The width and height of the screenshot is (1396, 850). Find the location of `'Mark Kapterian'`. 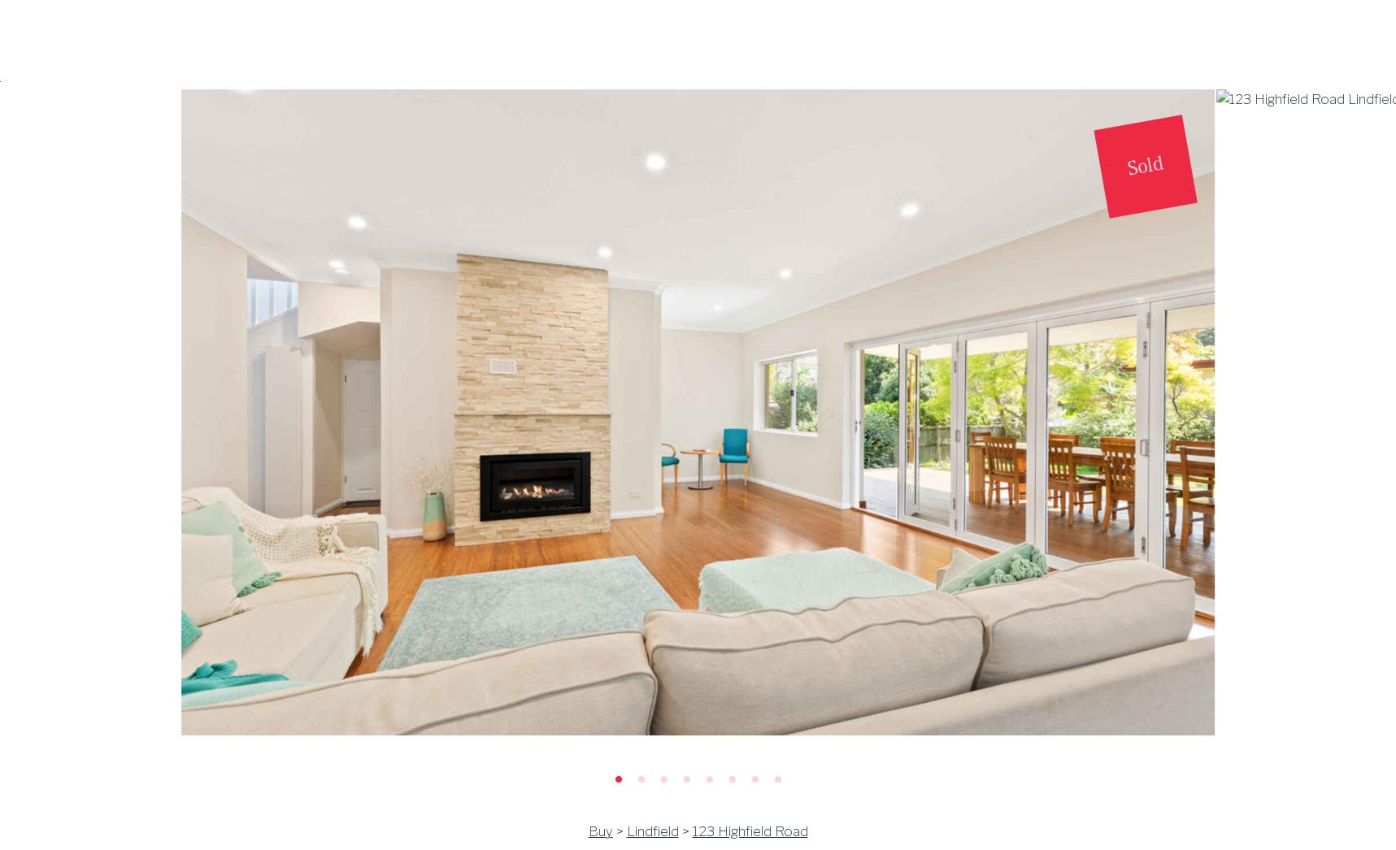

'Mark Kapterian' is located at coordinates (697, 205).